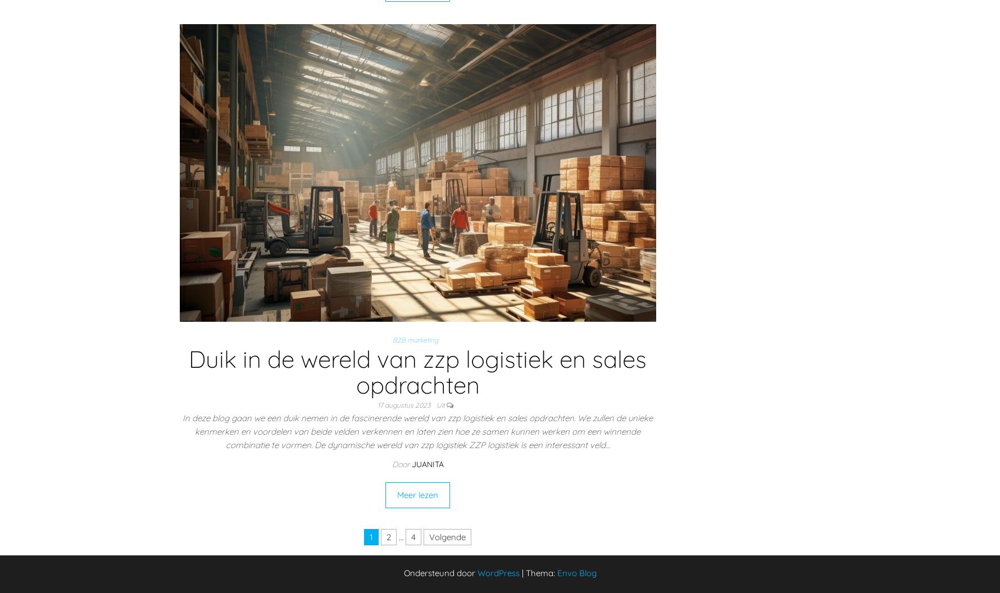  What do you see at coordinates (417, 372) in the screenshot?
I see `'Duik in de wereld van zzp logistiek en sales opdrachten'` at bounding box center [417, 372].